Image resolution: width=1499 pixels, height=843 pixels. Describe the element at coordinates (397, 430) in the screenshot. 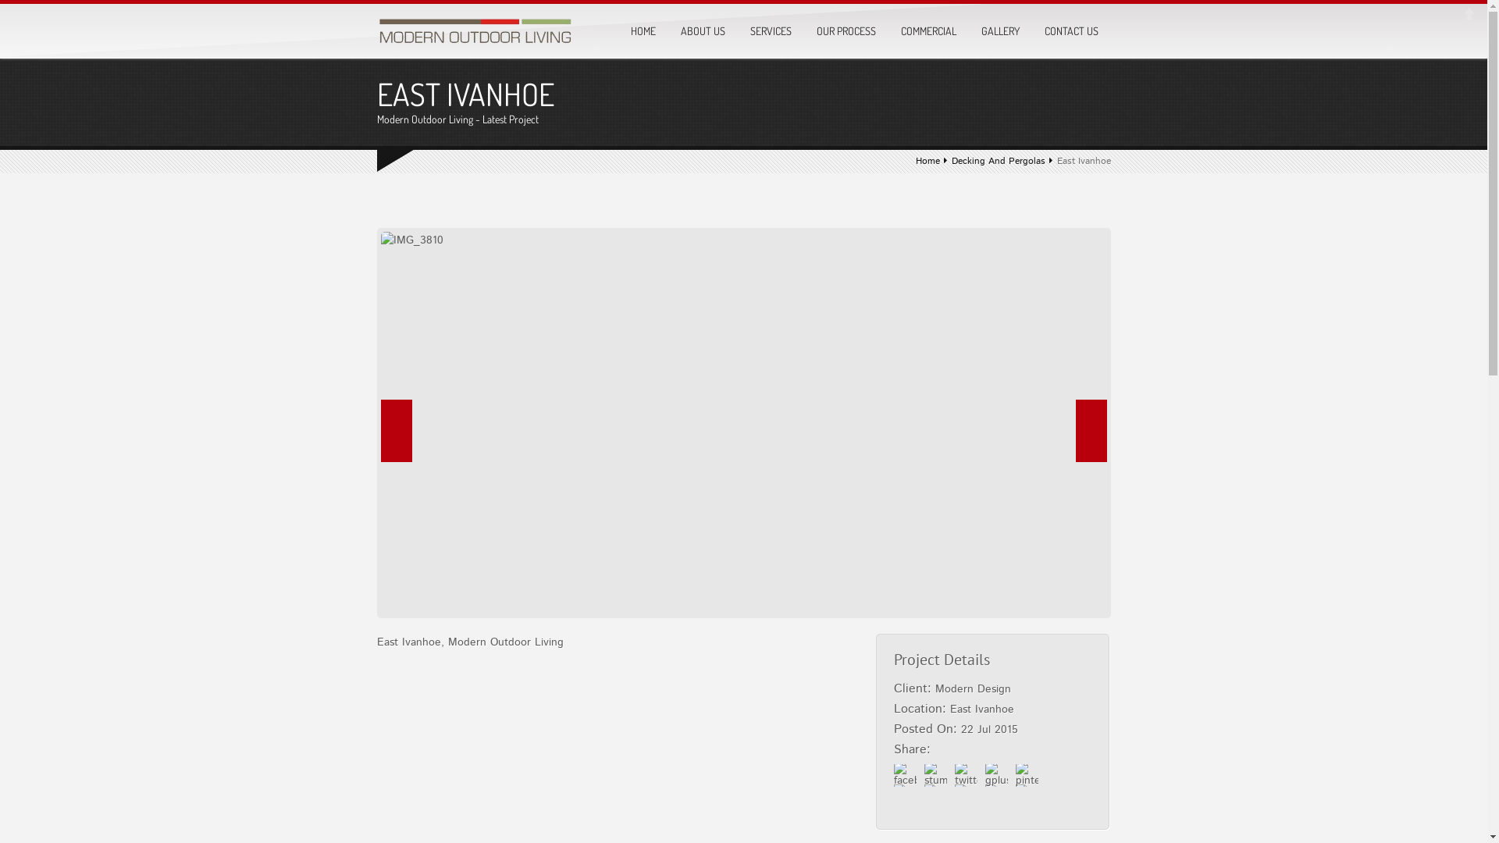

I see `'Prev'` at that location.